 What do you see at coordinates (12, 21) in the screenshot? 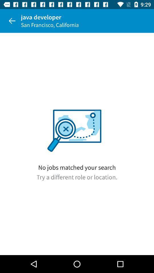
I see `the item above no jobs matched` at bounding box center [12, 21].